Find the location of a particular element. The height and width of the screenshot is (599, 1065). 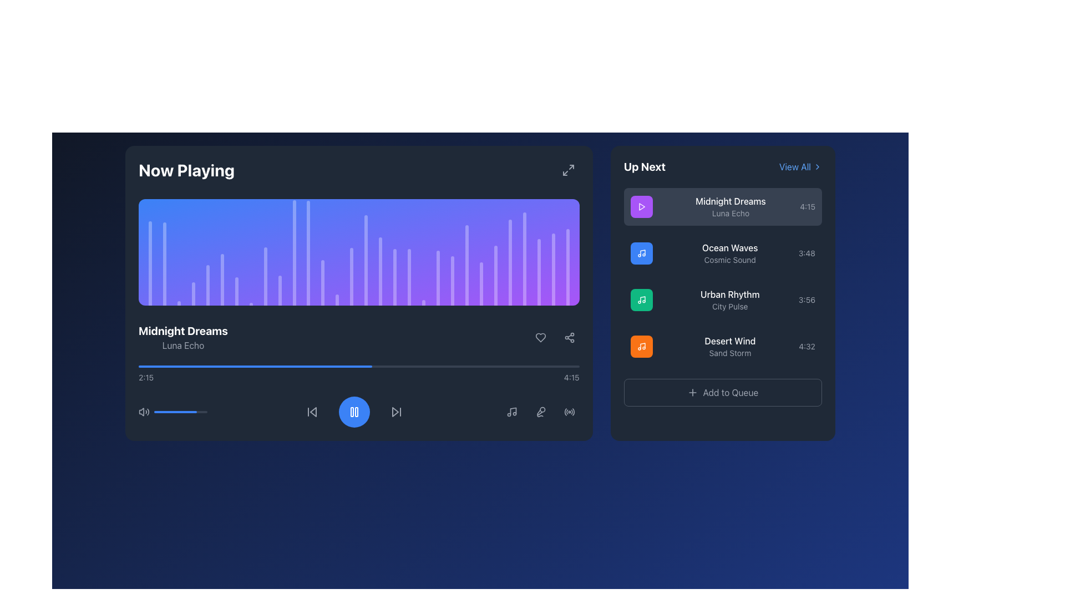

the slider is located at coordinates (206, 412).